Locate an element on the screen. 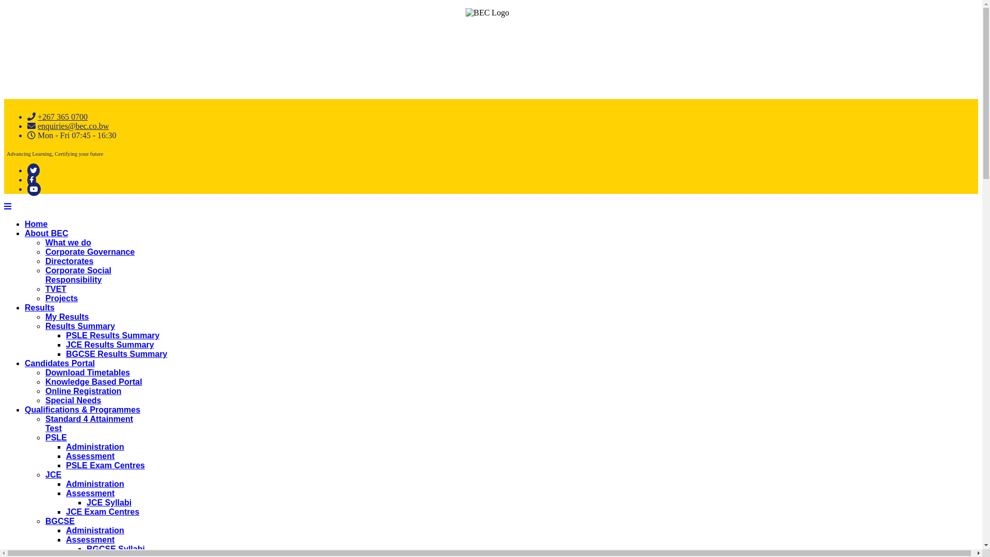  'Results' is located at coordinates (39, 307).